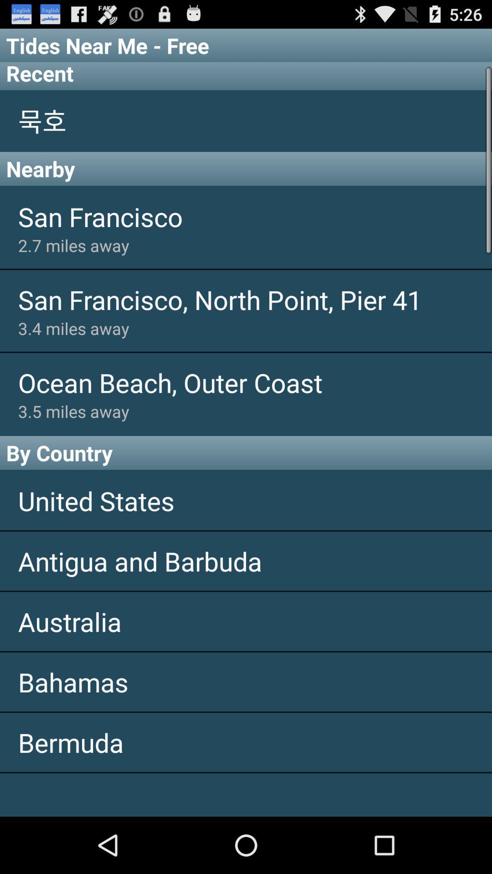 The image size is (492, 874). I want to click on app above the bahamas icon, so click(246, 621).